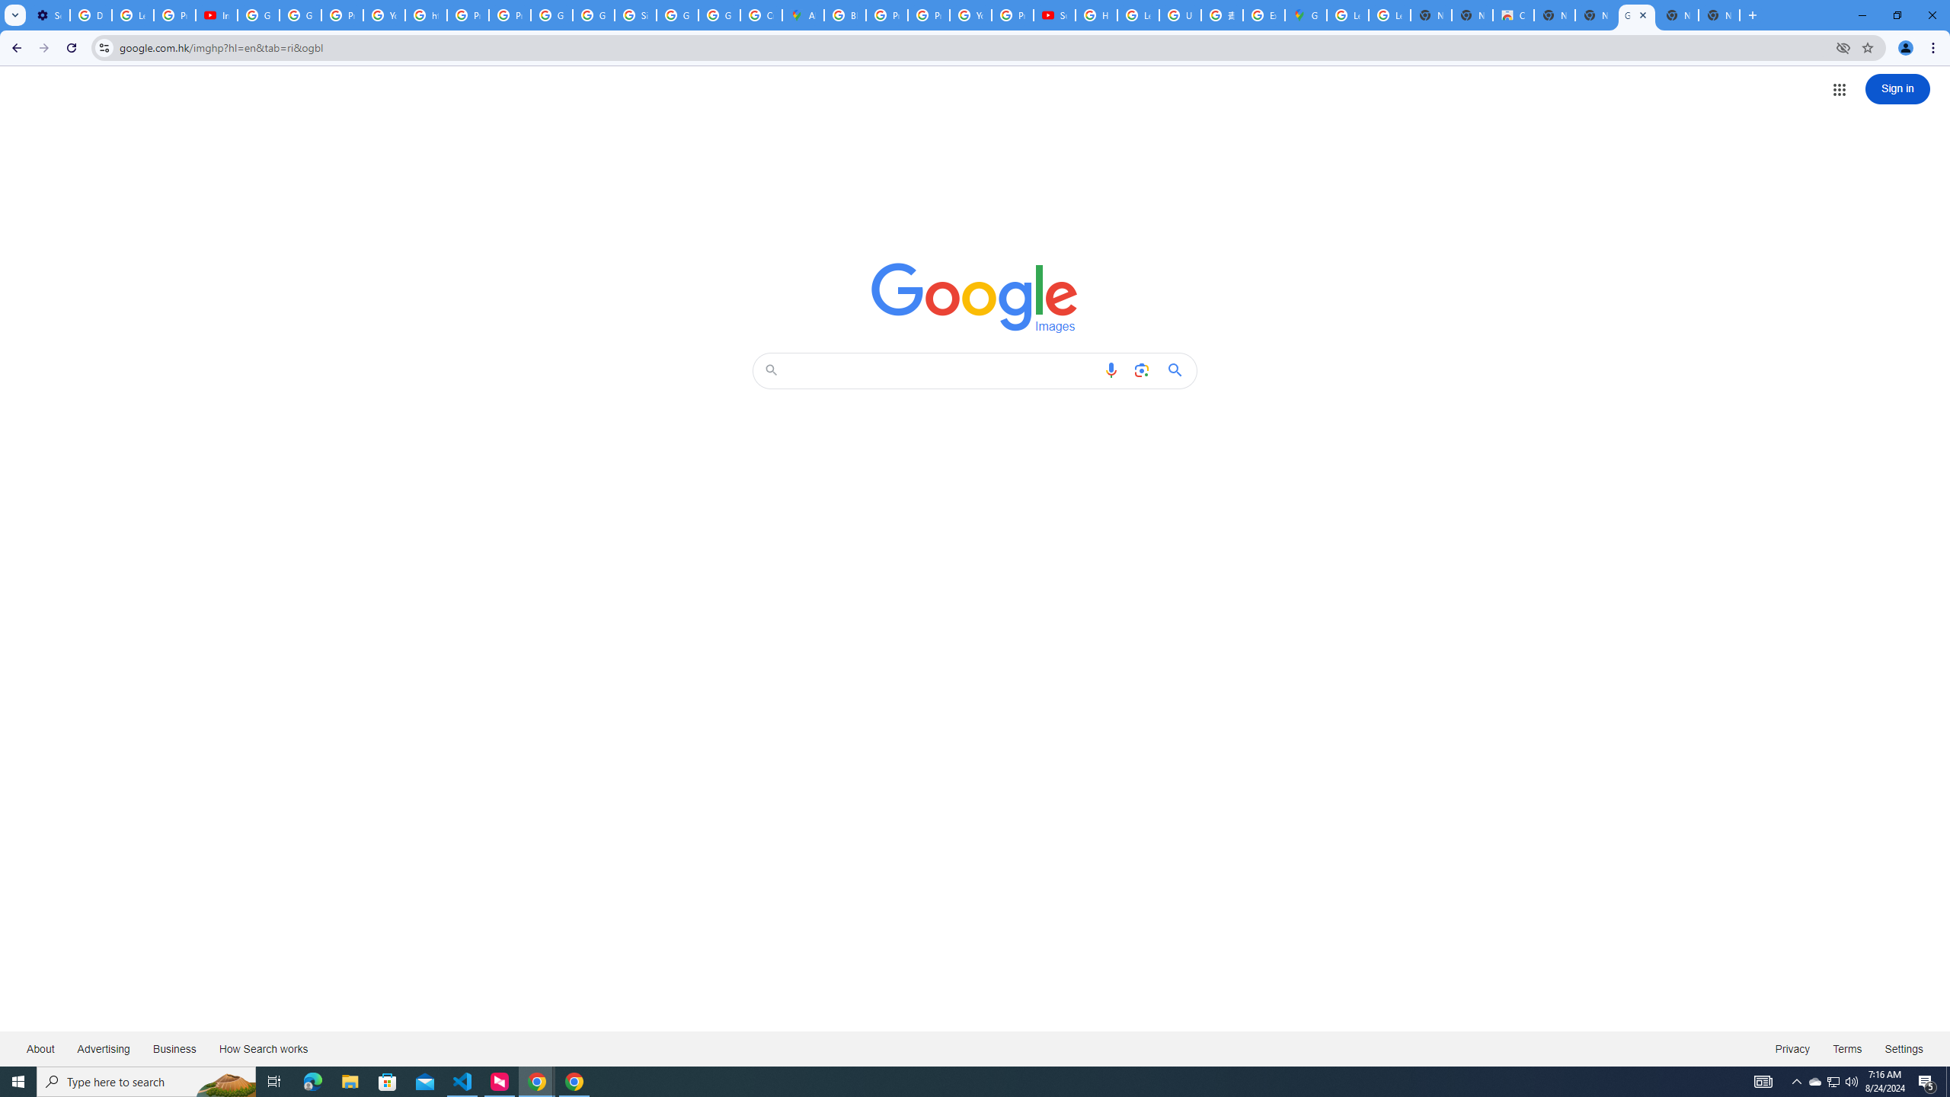 Image resolution: width=1950 pixels, height=1097 pixels. I want to click on 'Settings - Customize profile', so click(49, 14).